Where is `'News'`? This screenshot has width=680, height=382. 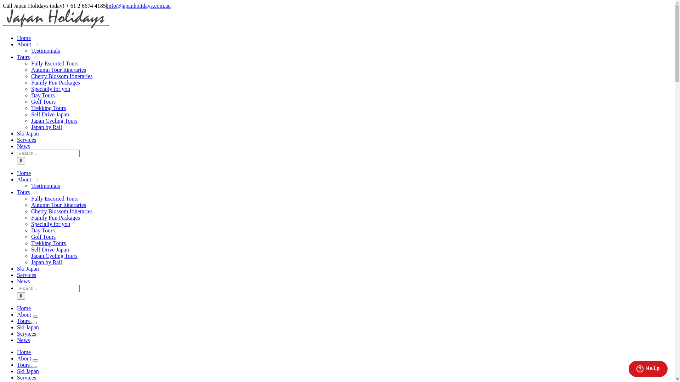
'News' is located at coordinates (23, 340).